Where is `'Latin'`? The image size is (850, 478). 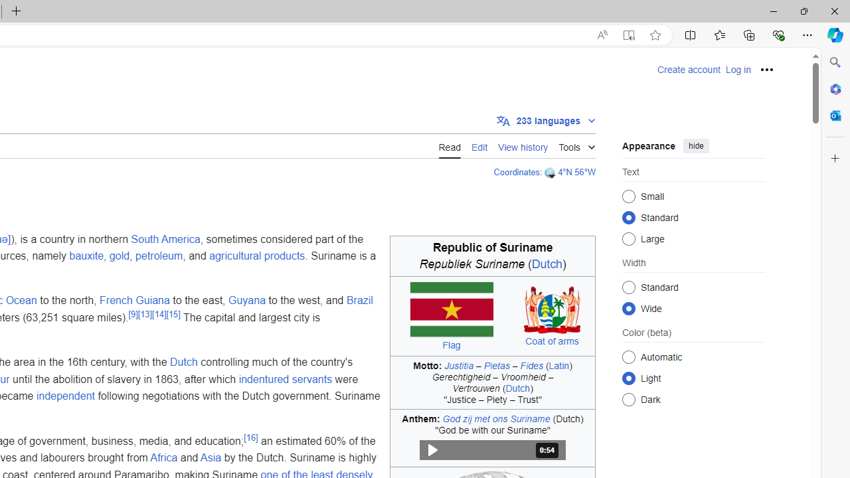
'Latin' is located at coordinates (558, 365).